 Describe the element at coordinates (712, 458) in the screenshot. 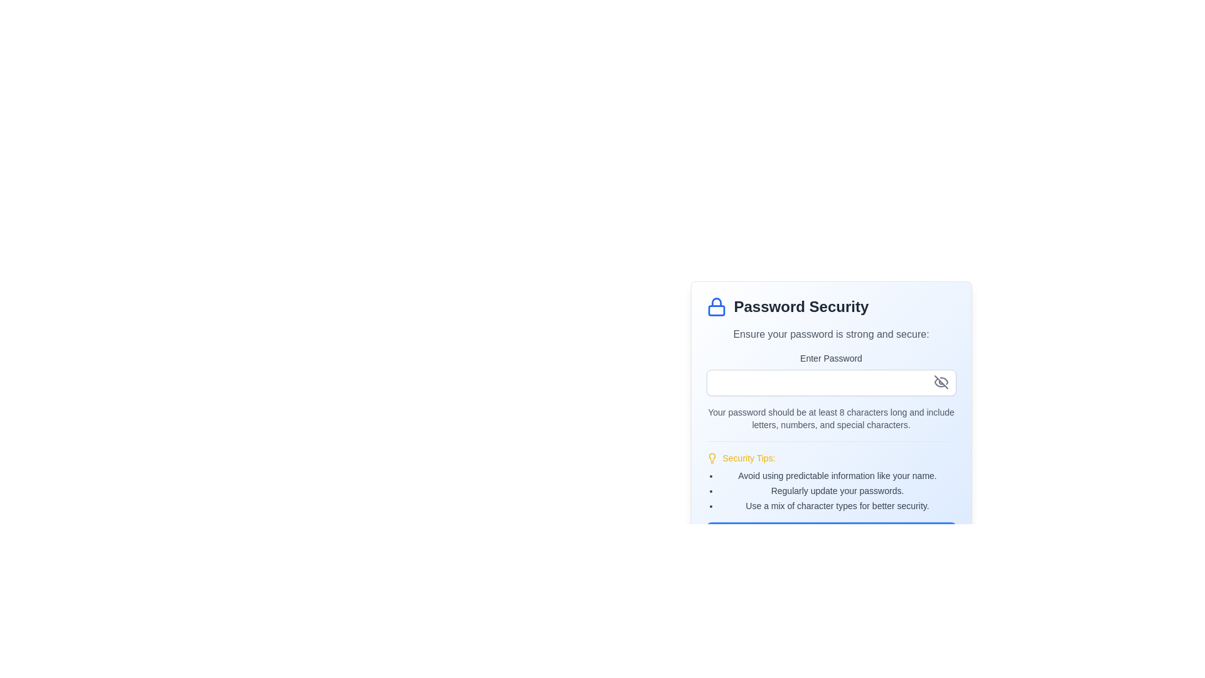

I see `the lightbulb icon with a minimalist design, which is colored yellow and has a class attribute of 'lucide-lightbulb', located to the left of the 'Security Tips:' text` at that location.